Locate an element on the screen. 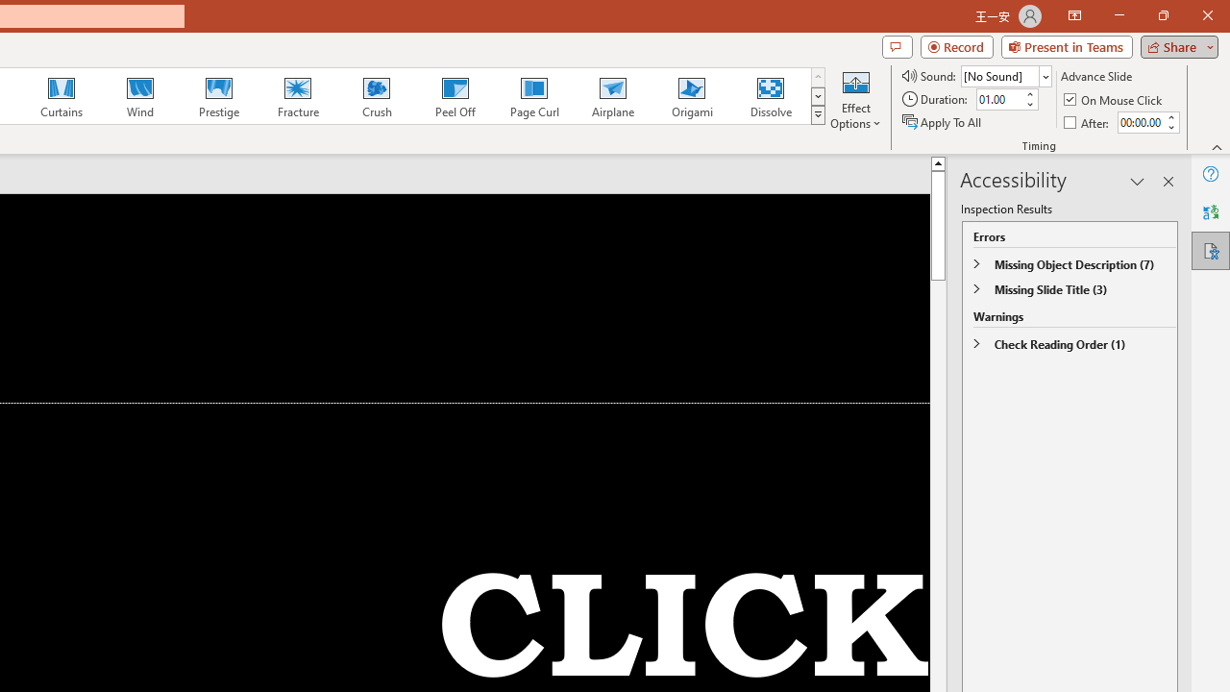 The image size is (1230, 692). 'Airplane' is located at coordinates (611, 96).